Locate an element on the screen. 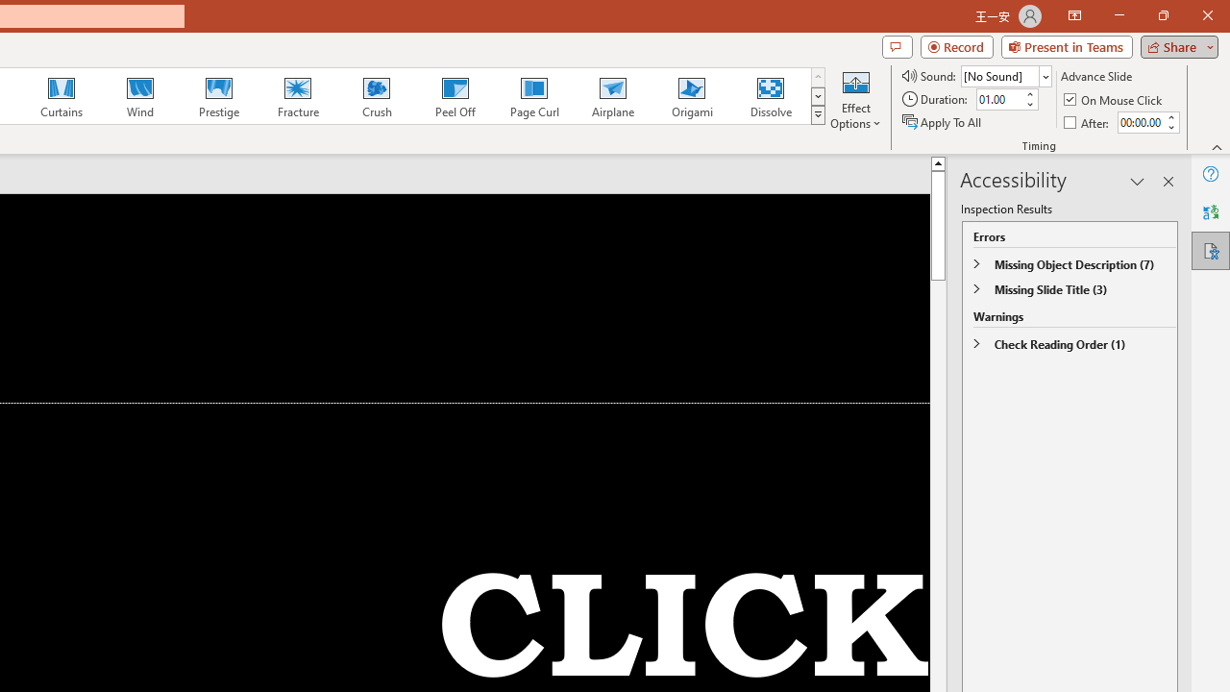 The image size is (1230, 692). 'Airplane' is located at coordinates (611, 96).